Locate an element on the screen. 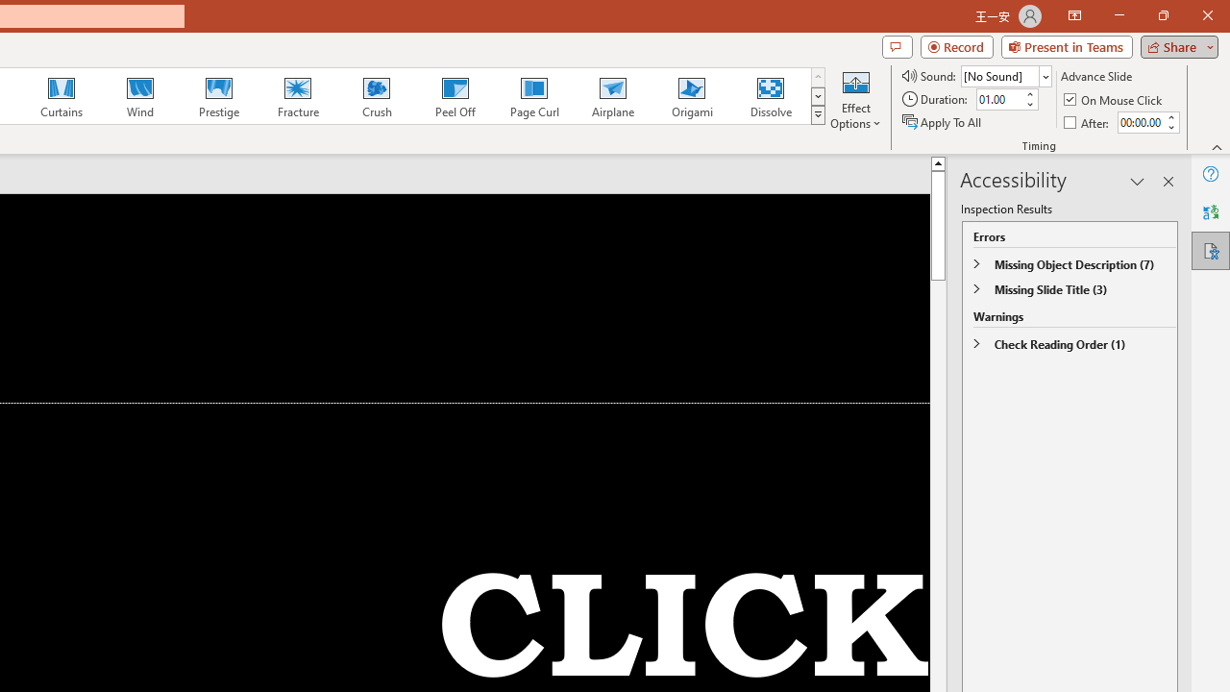 The image size is (1230, 692). 'Airplane' is located at coordinates (611, 96).